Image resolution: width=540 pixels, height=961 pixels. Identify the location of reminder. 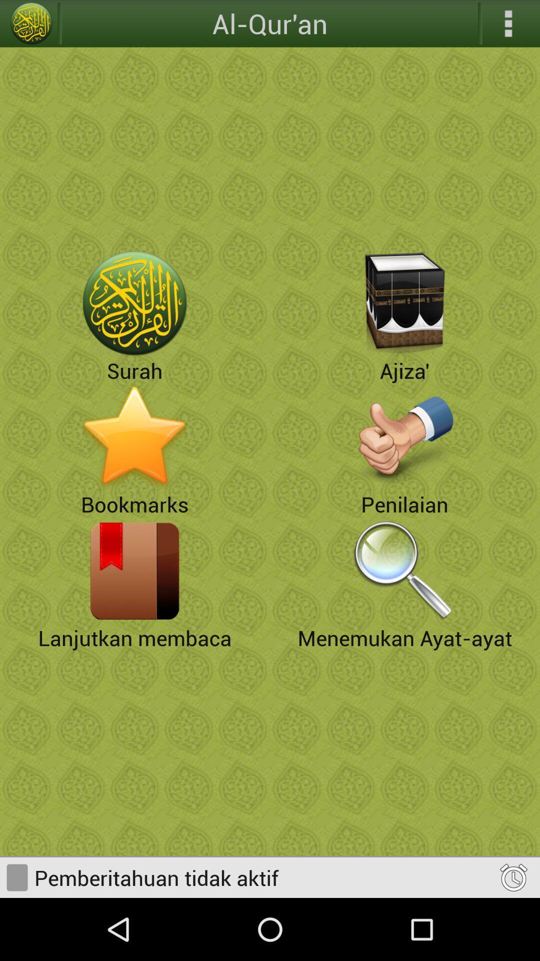
(513, 877).